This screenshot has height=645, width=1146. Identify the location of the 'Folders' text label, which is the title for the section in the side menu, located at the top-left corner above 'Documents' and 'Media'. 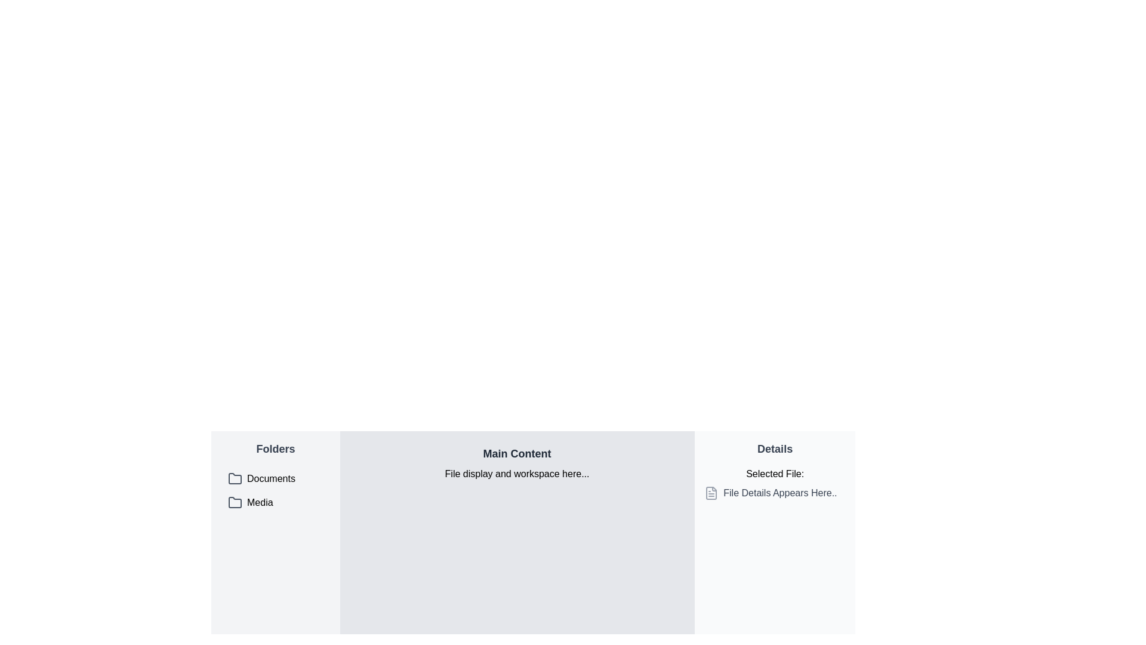
(275, 449).